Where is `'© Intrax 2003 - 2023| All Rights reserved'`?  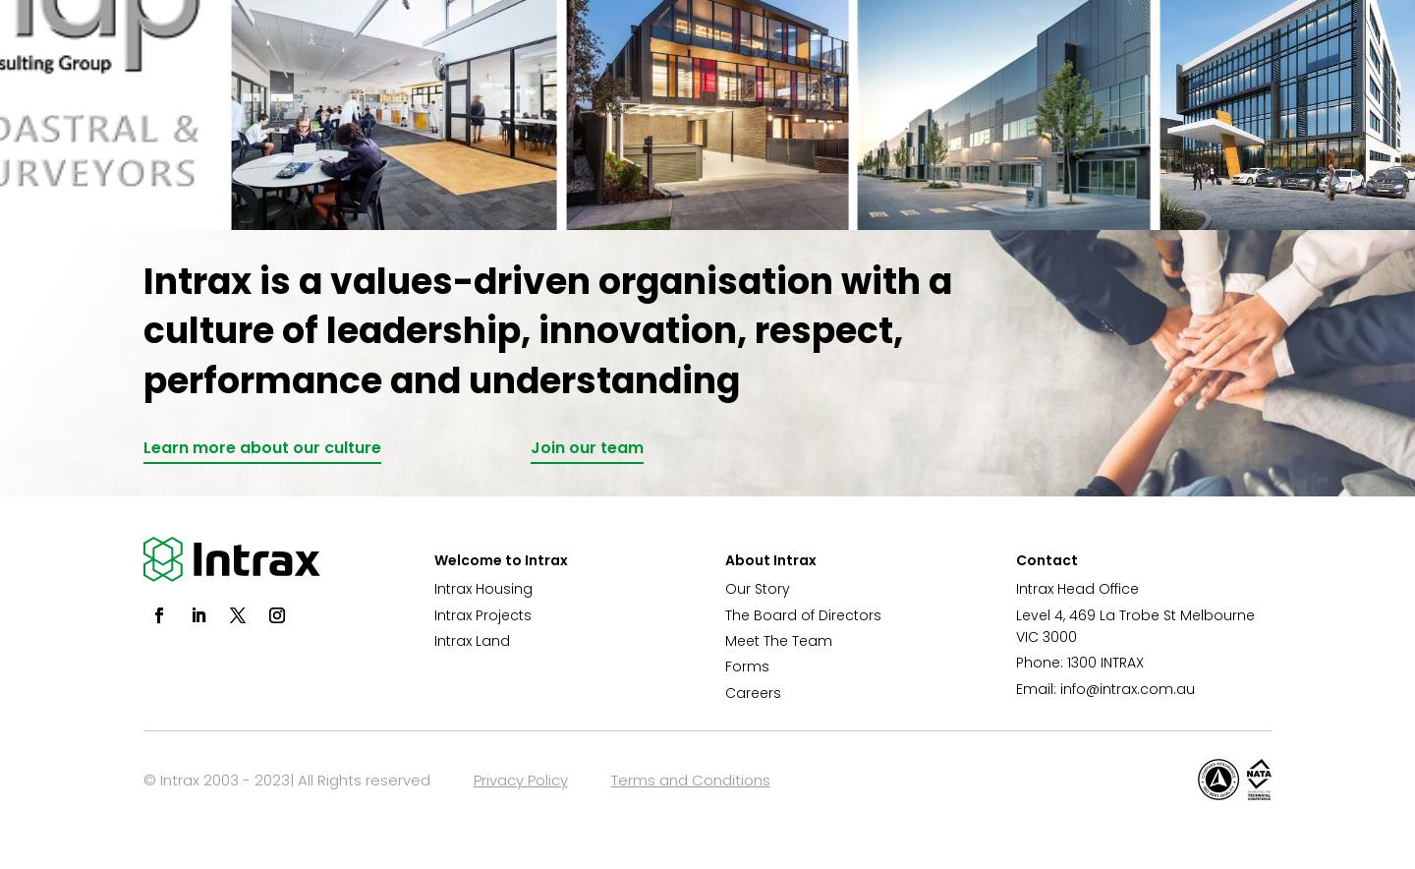
'© Intrax 2003 - 2023| All Rights reserved' is located at coordinates (308, 778).